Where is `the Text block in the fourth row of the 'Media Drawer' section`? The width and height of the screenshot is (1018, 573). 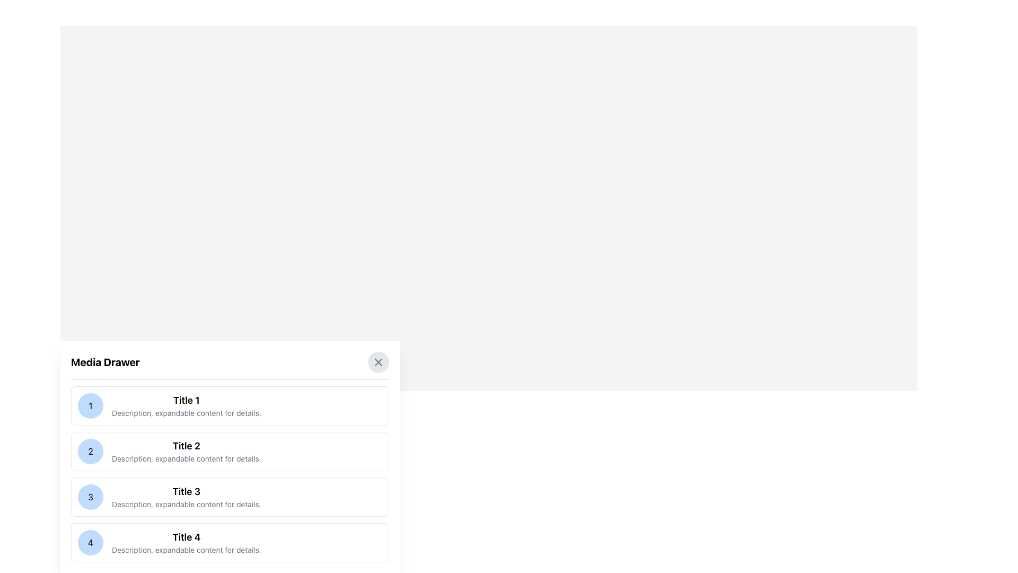
the Text block in the fourth row of the 'Media Drawer' section is located at coordinates (186, 542).